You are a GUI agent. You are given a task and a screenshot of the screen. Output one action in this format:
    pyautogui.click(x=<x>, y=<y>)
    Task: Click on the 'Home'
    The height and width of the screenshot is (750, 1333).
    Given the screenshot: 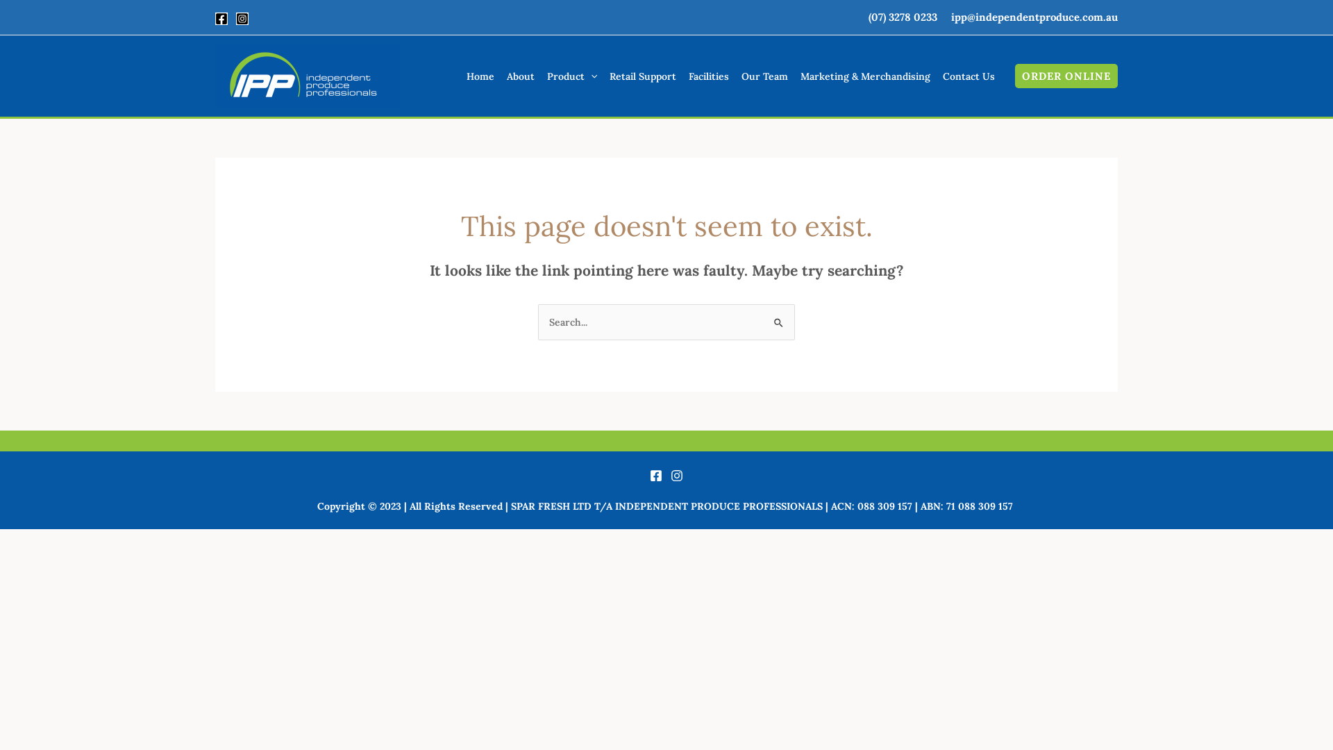 What is the action you would take?
    pyautogui.click(x=480, y=76)
    